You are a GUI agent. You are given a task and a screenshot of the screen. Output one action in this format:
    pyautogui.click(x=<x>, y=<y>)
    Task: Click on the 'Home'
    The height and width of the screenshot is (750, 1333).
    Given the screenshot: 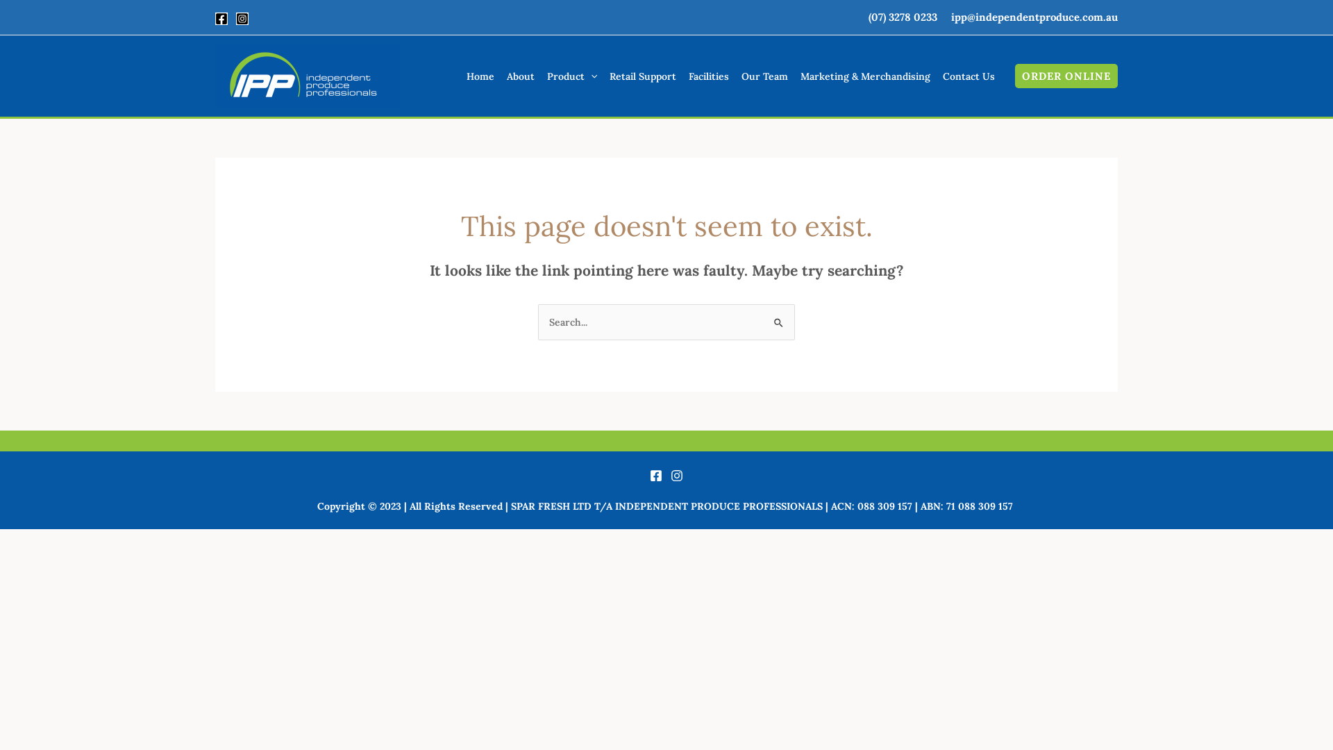 What is the action you would take?
    pyautogui.click(x=480, y=76)
    